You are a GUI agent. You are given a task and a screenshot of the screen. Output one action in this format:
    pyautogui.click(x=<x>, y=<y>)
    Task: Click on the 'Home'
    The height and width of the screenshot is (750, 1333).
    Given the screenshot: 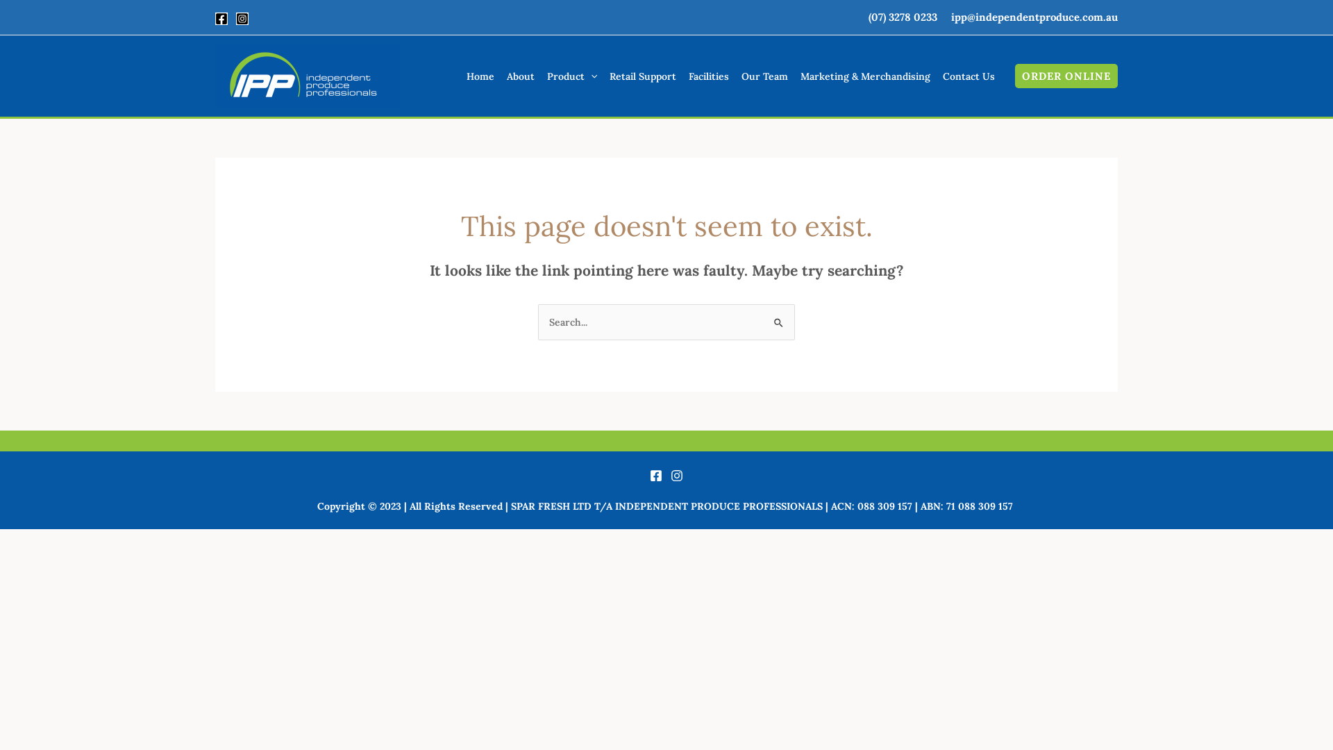 What is the action you would take?
    pyautogui.click(x=480, y=76)
    